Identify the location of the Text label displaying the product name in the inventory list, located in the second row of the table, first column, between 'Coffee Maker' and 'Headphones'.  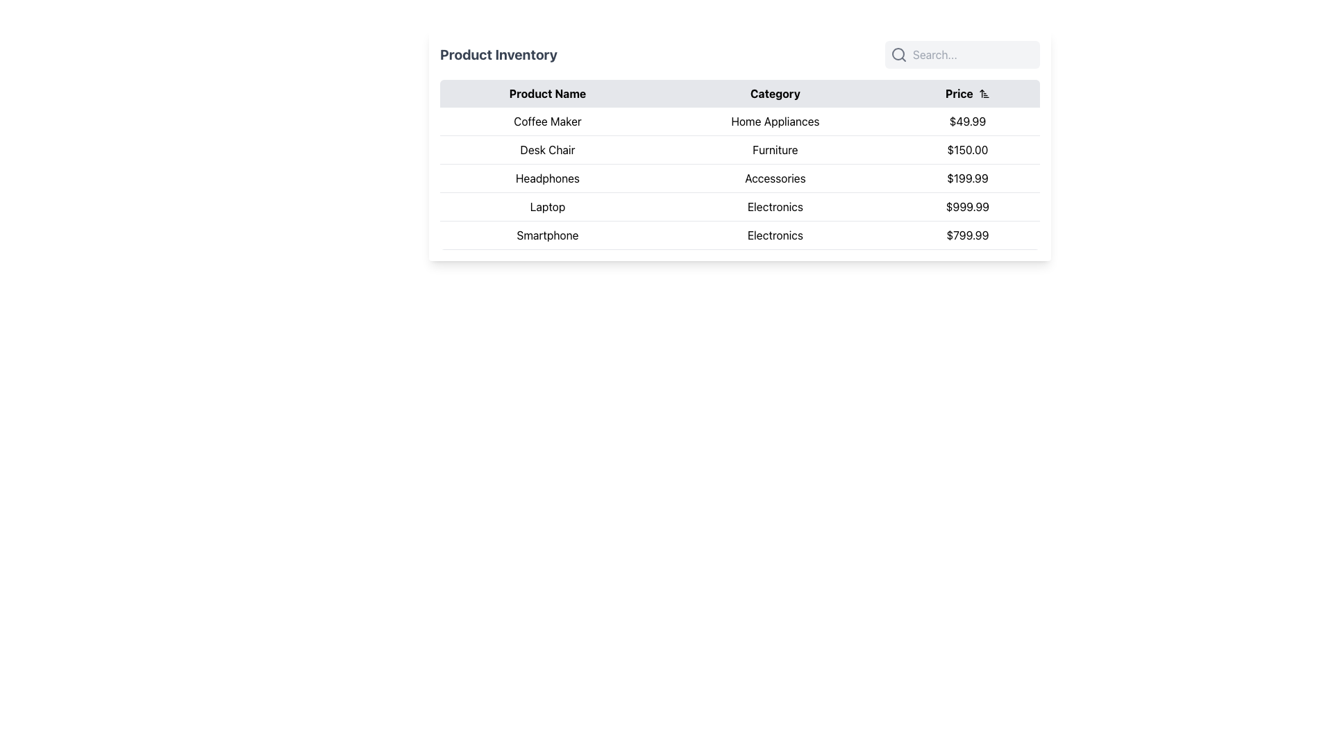
(546, 150).